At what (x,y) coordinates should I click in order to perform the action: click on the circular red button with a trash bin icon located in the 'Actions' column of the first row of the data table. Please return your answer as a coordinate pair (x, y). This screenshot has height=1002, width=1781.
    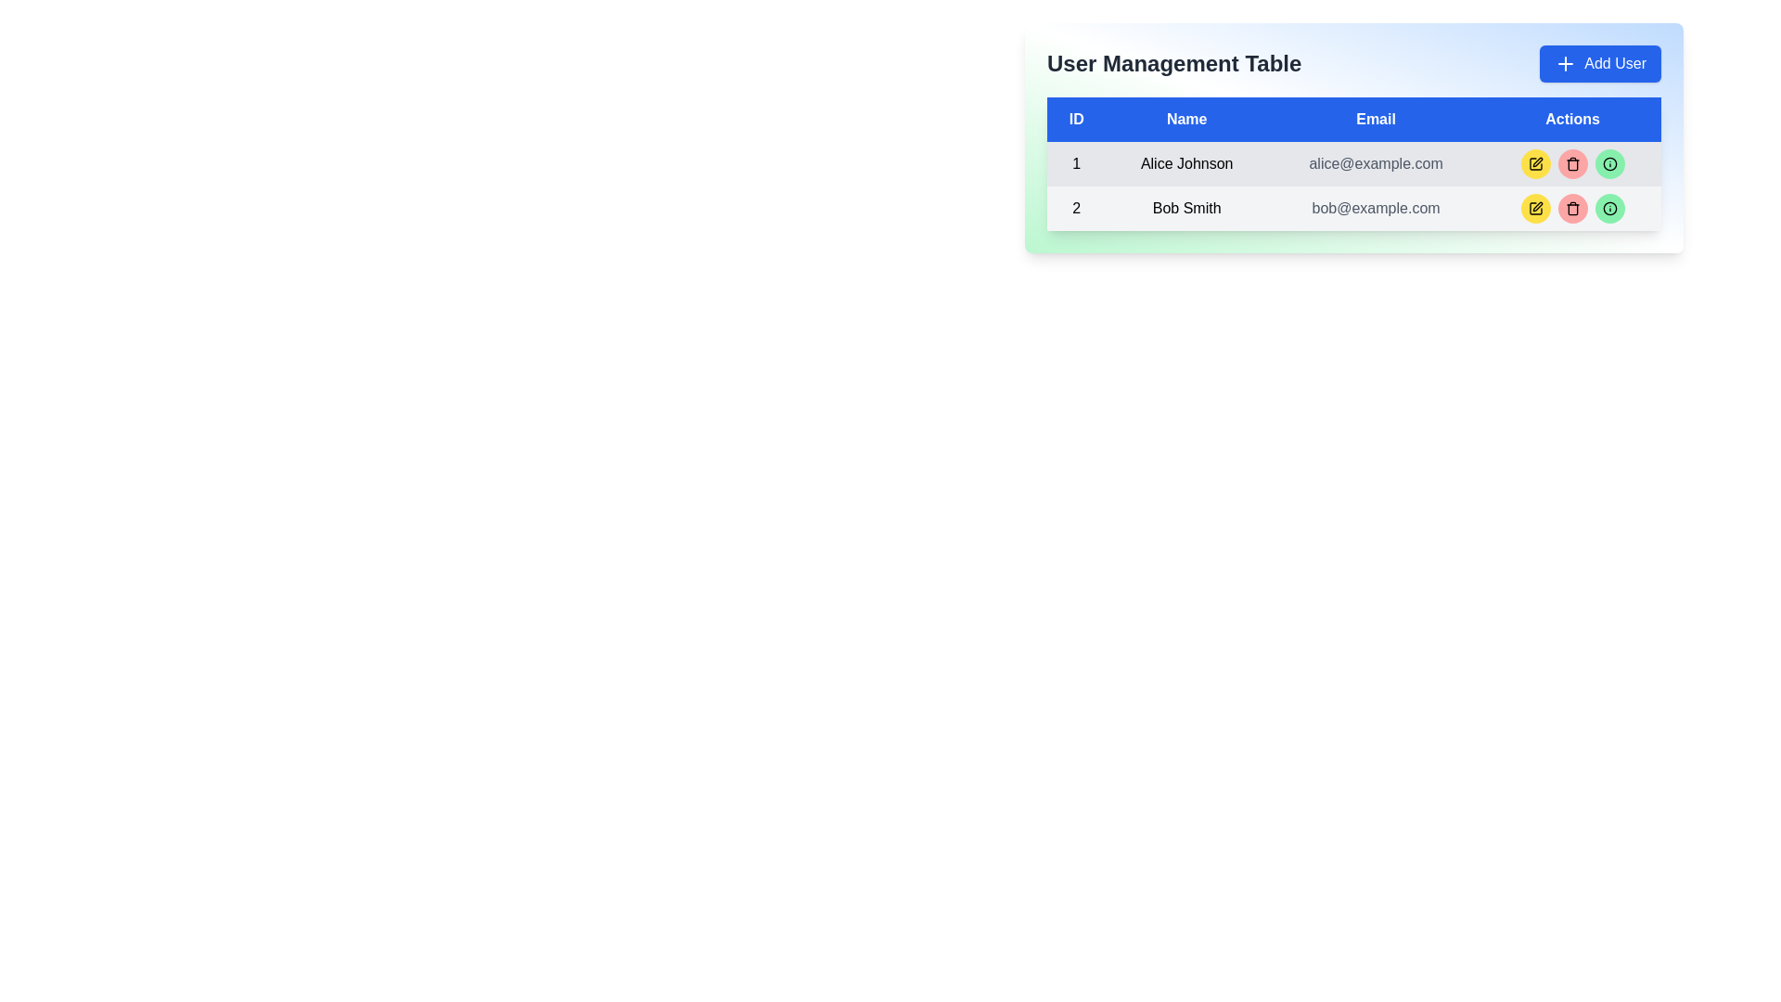
    Looking at the image, I should click on (1571, 163).